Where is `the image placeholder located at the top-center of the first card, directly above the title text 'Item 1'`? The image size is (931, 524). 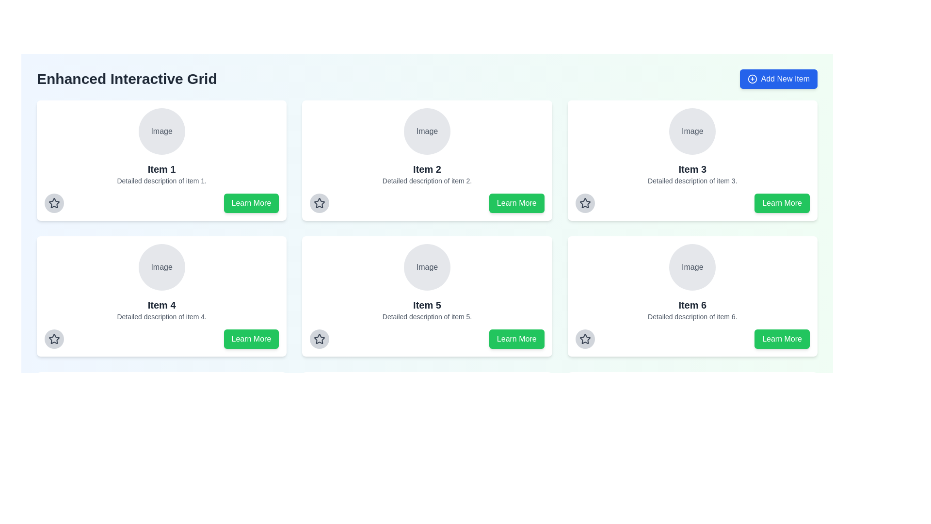
the image placeholder located at the top-center of the first card, directly above the title text 'Item 1' is located at coordinates (161, 131).